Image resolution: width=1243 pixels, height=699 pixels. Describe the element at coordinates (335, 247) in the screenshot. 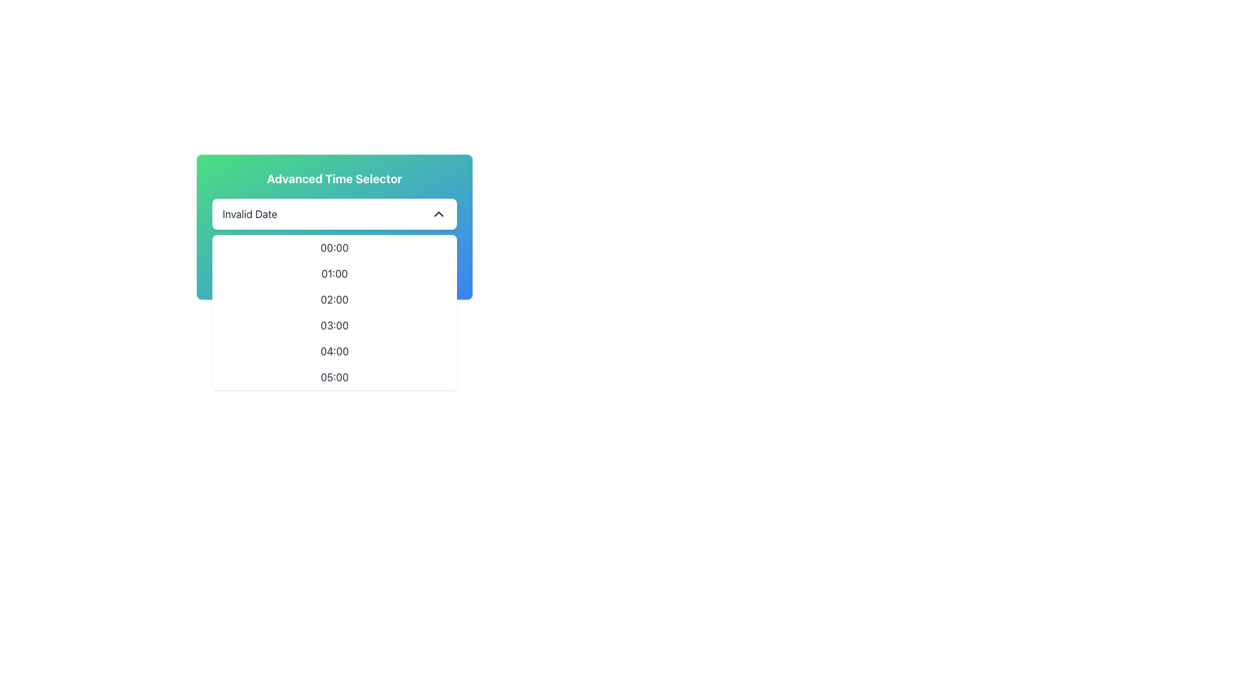

I see `the first time selection option '00:00' in the dropdown menu located directly under the 'Invalid Date' input field` at that location.